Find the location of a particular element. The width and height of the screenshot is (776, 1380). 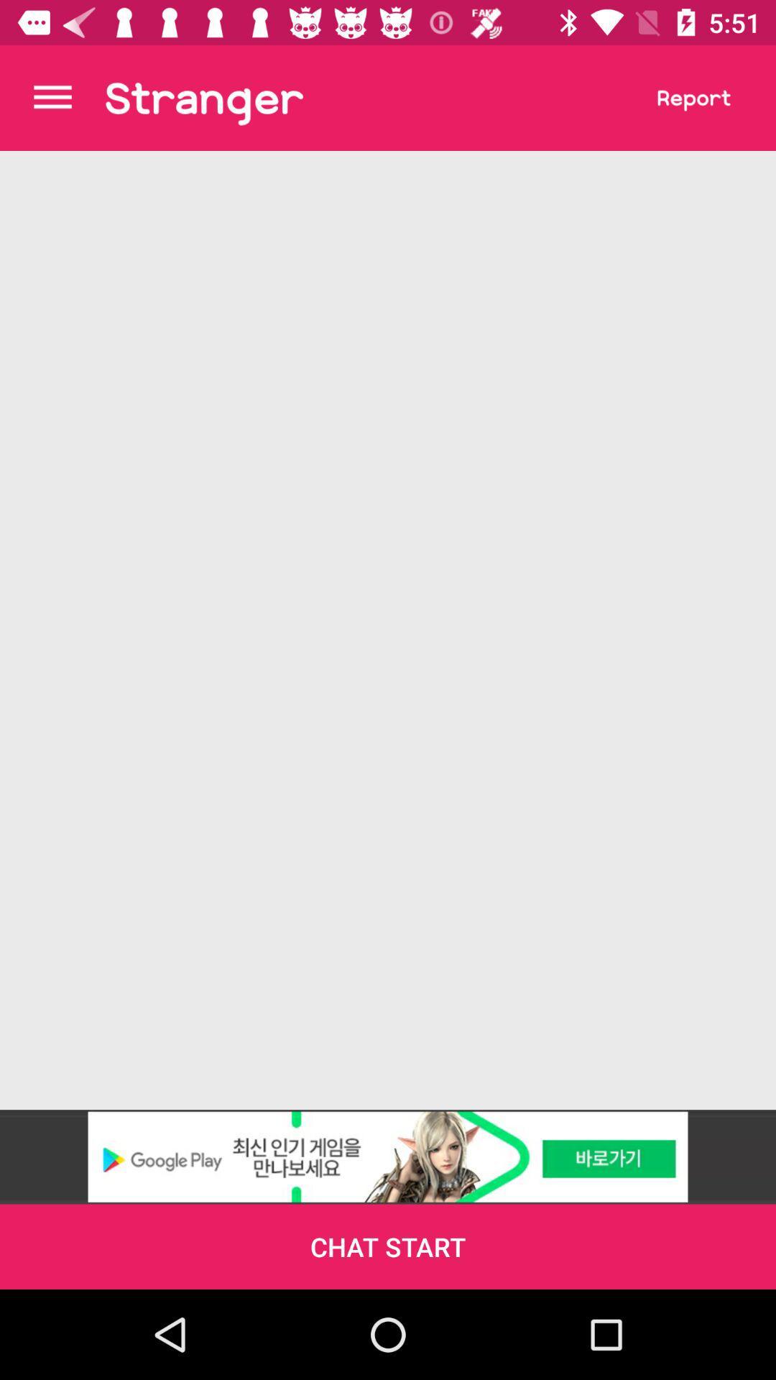

more options is located at coordinates (52, 97).